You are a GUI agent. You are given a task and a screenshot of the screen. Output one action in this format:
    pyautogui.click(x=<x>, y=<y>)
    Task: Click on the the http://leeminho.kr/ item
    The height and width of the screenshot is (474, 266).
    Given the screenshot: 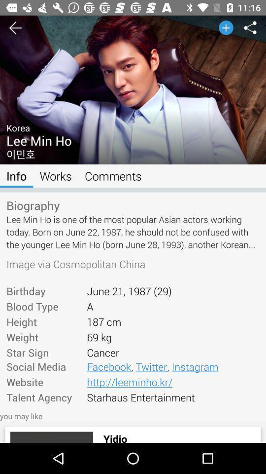 What is the action you would take?
    pyautogui.click(x=172, y=381)
    